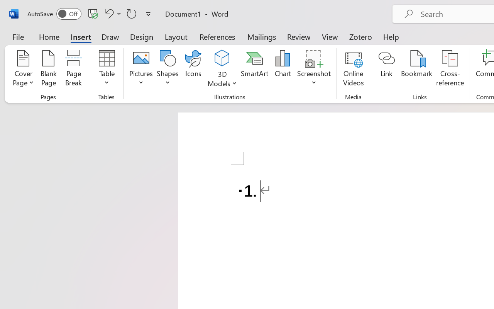 This screenshot has height=309, width=494. What do you see at coordinates (222, 58) in the screenshot?
I see `'3D Models'` at bounding box center [222, 58].